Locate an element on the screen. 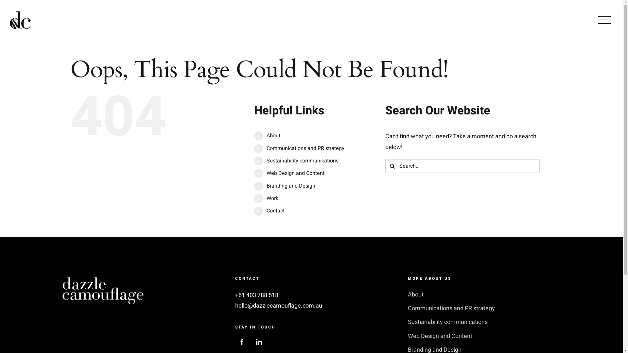 The width and height of the screenshot is (628, 353). 'hello@dazzlecamouflage.com.au' is located at coordinates (278, 306).